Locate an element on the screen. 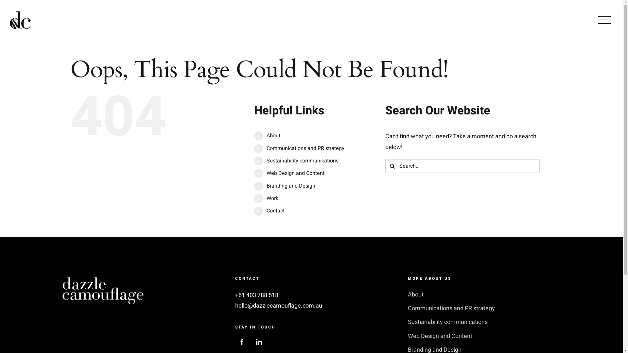 The width and height of the screenshot is (628, 353). 'hello@dazzlecamouflage.com.au' is located at coordinates (278, 306).